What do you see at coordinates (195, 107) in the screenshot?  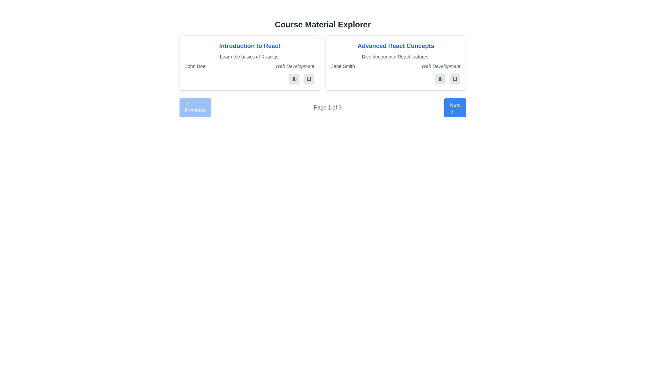 I see `the 'Previous' button, which is a rectangular button with rounded corners and a blue background, located near the bottom left corner of the interface` at bounding box center [195, 107].